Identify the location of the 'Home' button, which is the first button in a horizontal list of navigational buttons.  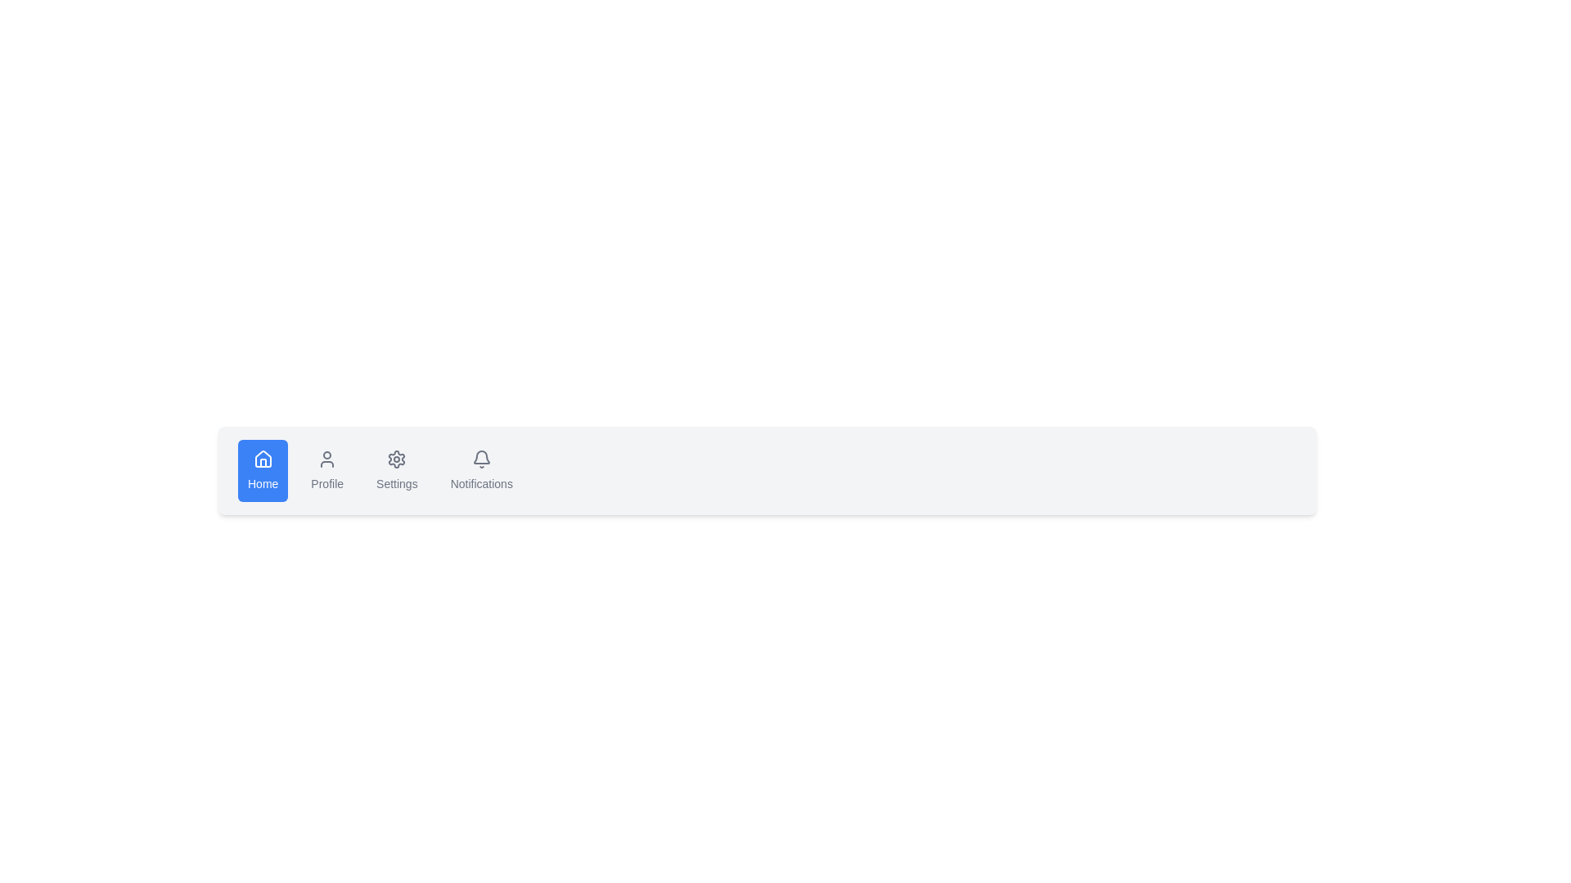
(263, 470).